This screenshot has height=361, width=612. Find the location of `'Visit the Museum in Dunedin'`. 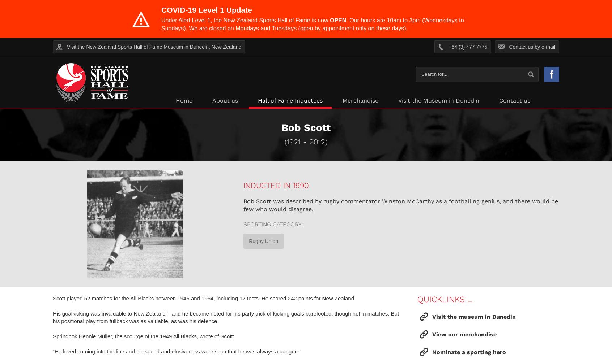

'Visit the Museum in Dunedin' is located at coordinates (398, 100).